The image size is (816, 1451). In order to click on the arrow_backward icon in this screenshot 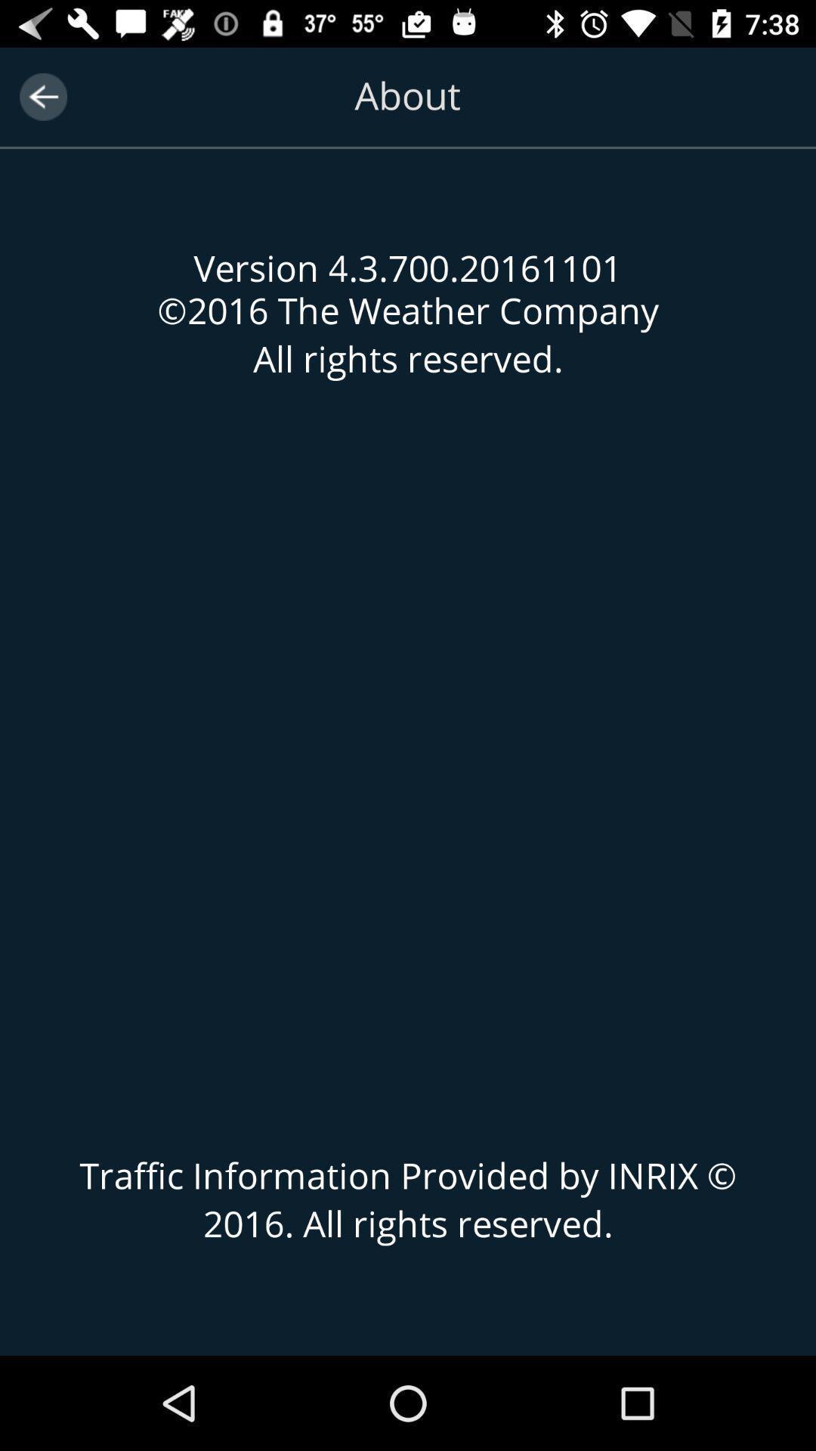, I will do `click(42, 96)`.